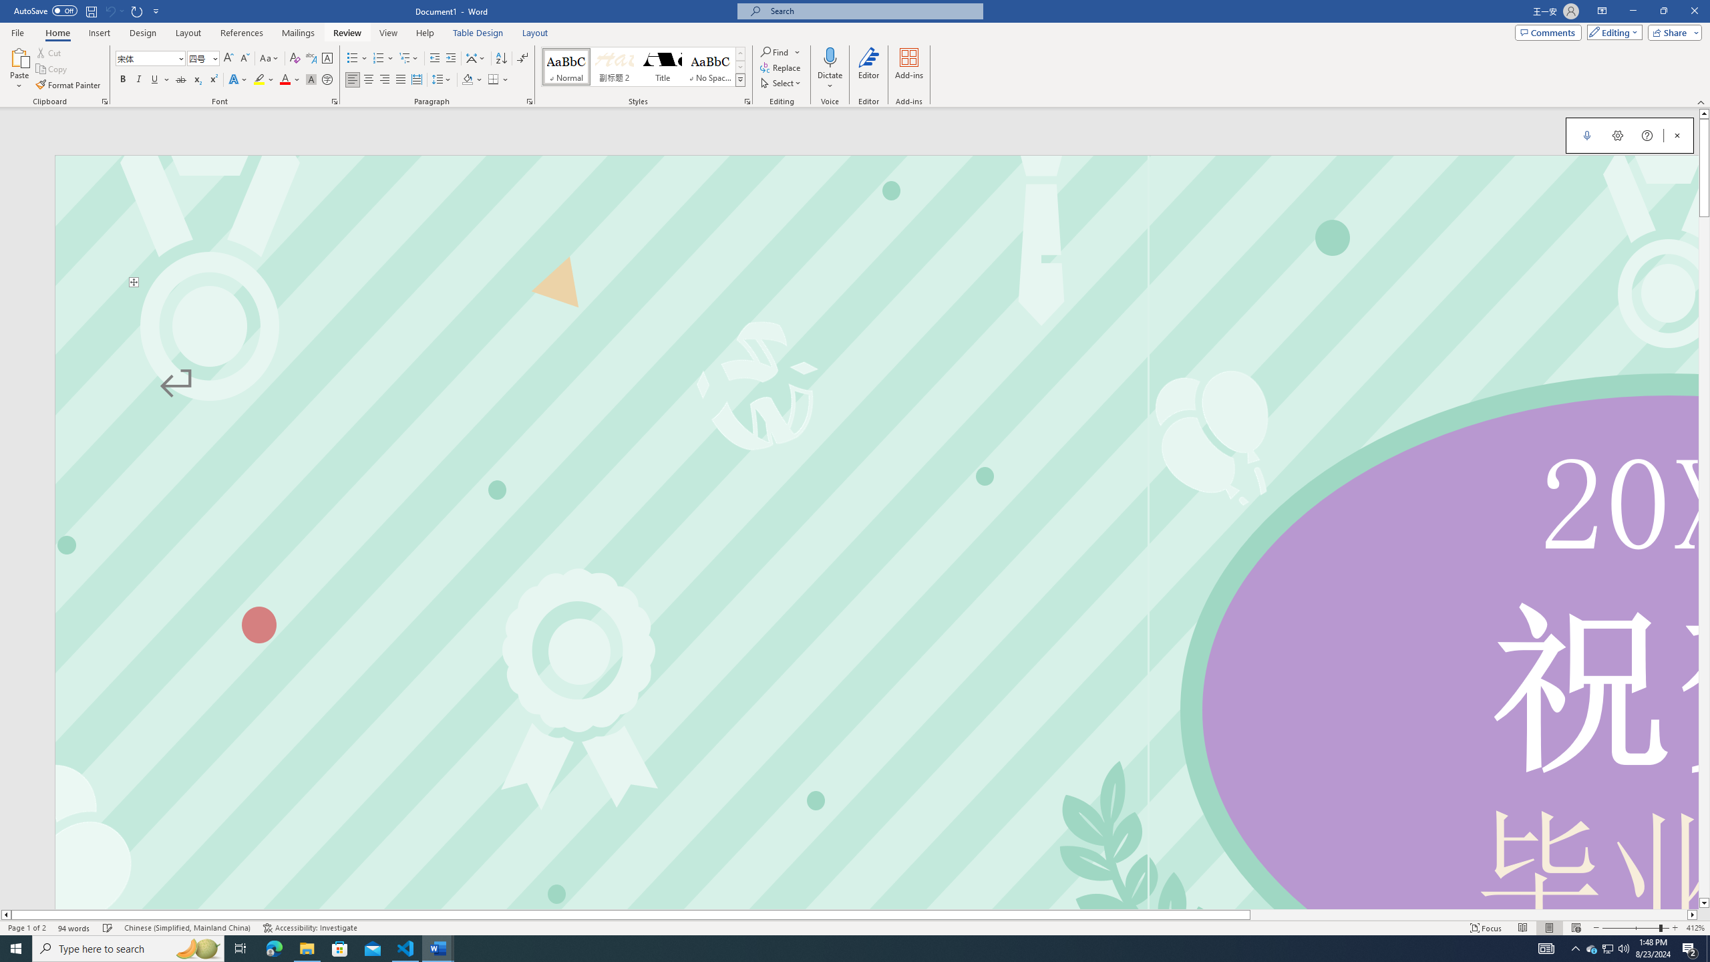 The image size is (1710, 962). What do you see at coordinates (327, 79) in the screenshot?
I see `'Enclose Characters...'` at bounding box center [327, 79].